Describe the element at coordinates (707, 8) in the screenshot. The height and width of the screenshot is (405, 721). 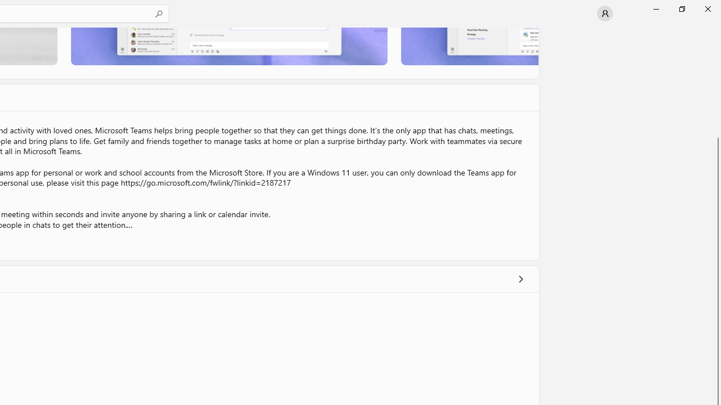
I see `'Close Microsoft Store'` at that location.